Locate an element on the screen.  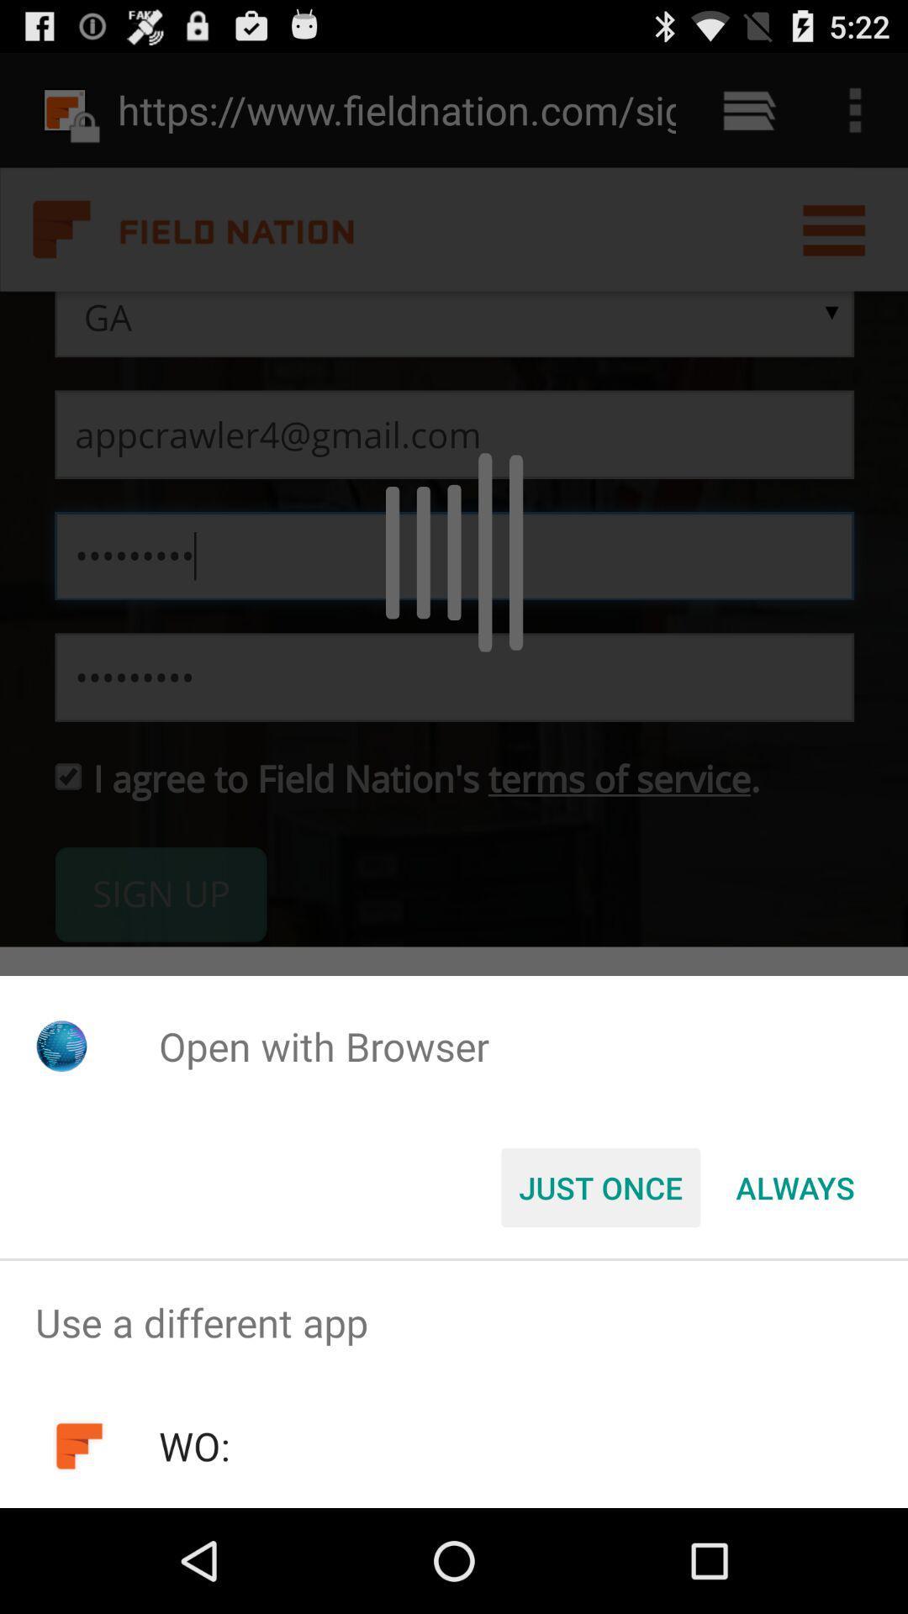
the just once button is located at coordinates (599, 1186).